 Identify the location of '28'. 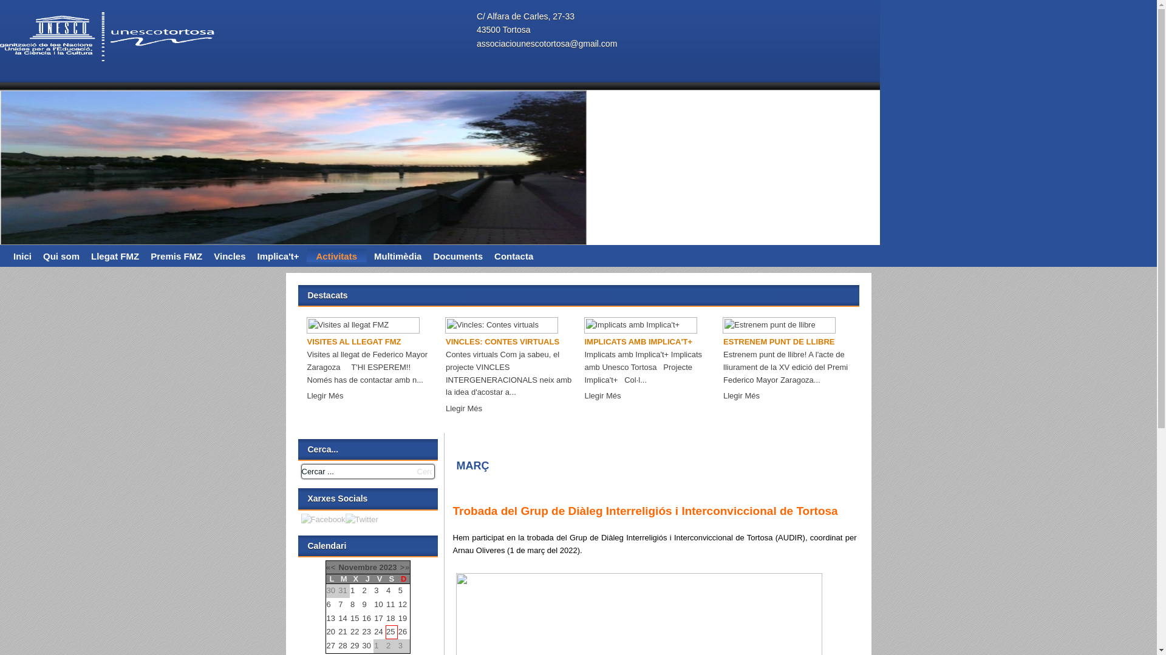
(338, 645).